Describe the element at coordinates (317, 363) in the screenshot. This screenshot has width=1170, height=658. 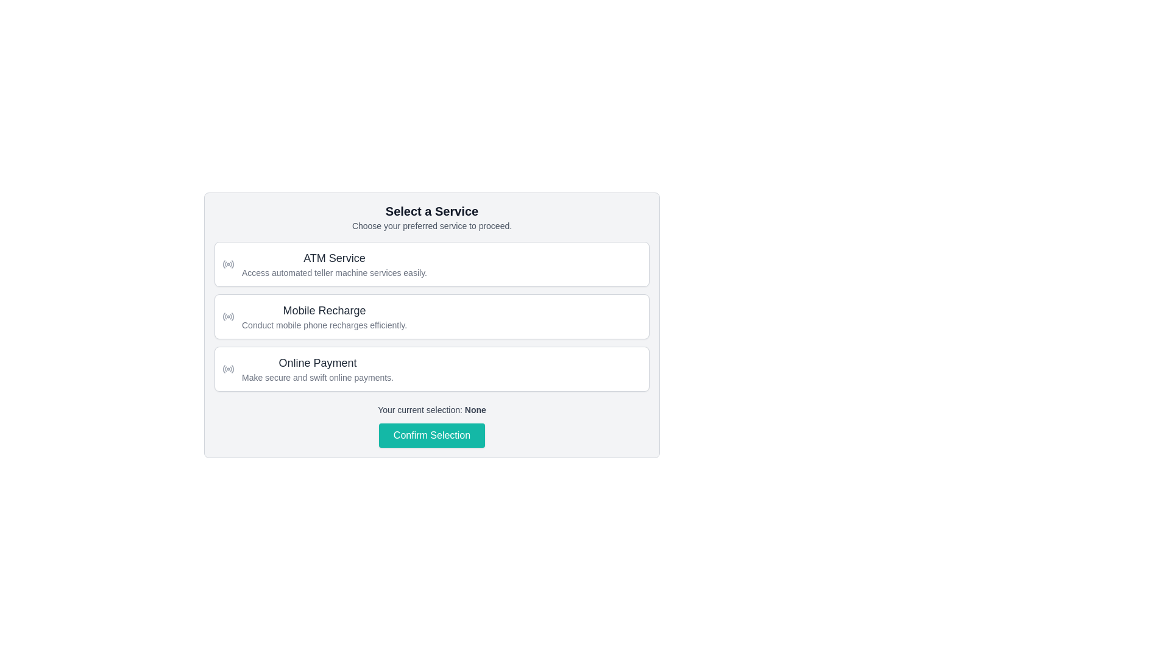
I see `the text label that serves as the title for the 'Online Payment' service option, which is centrally aligned in the card-style section of the interface` at that location.